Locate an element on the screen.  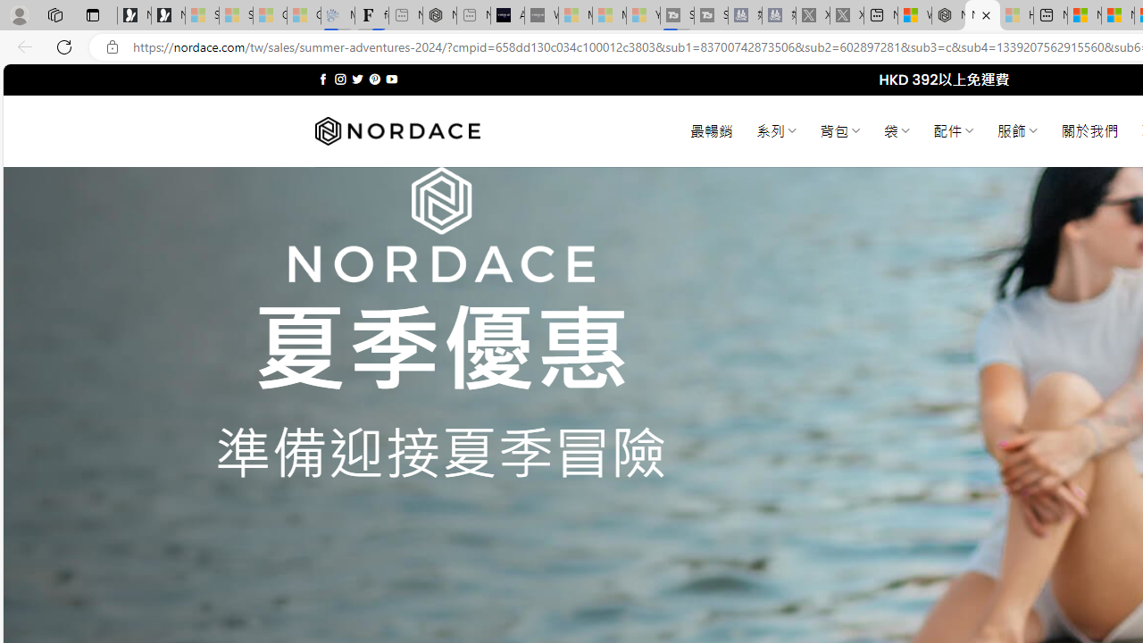
'Microsoft Start - Sleeping' is located at coordinates (609, 15).